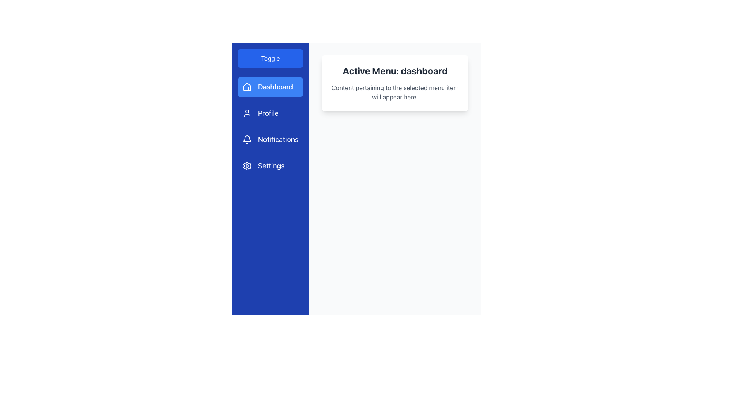 Image resolution: width=744 pixels, height=418 pixels. Describe the element at coordinates (247, 113) in the screenshot. I see `the 'Profile' icon located in the left navigation menu` at that location.